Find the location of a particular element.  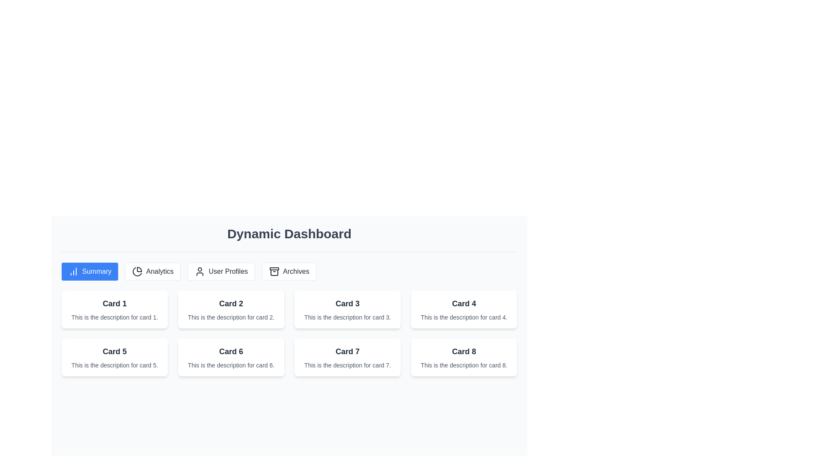

the Navigation Bar located below the 'Dynamic Dashboard' header is located at coordinates (289, 272).